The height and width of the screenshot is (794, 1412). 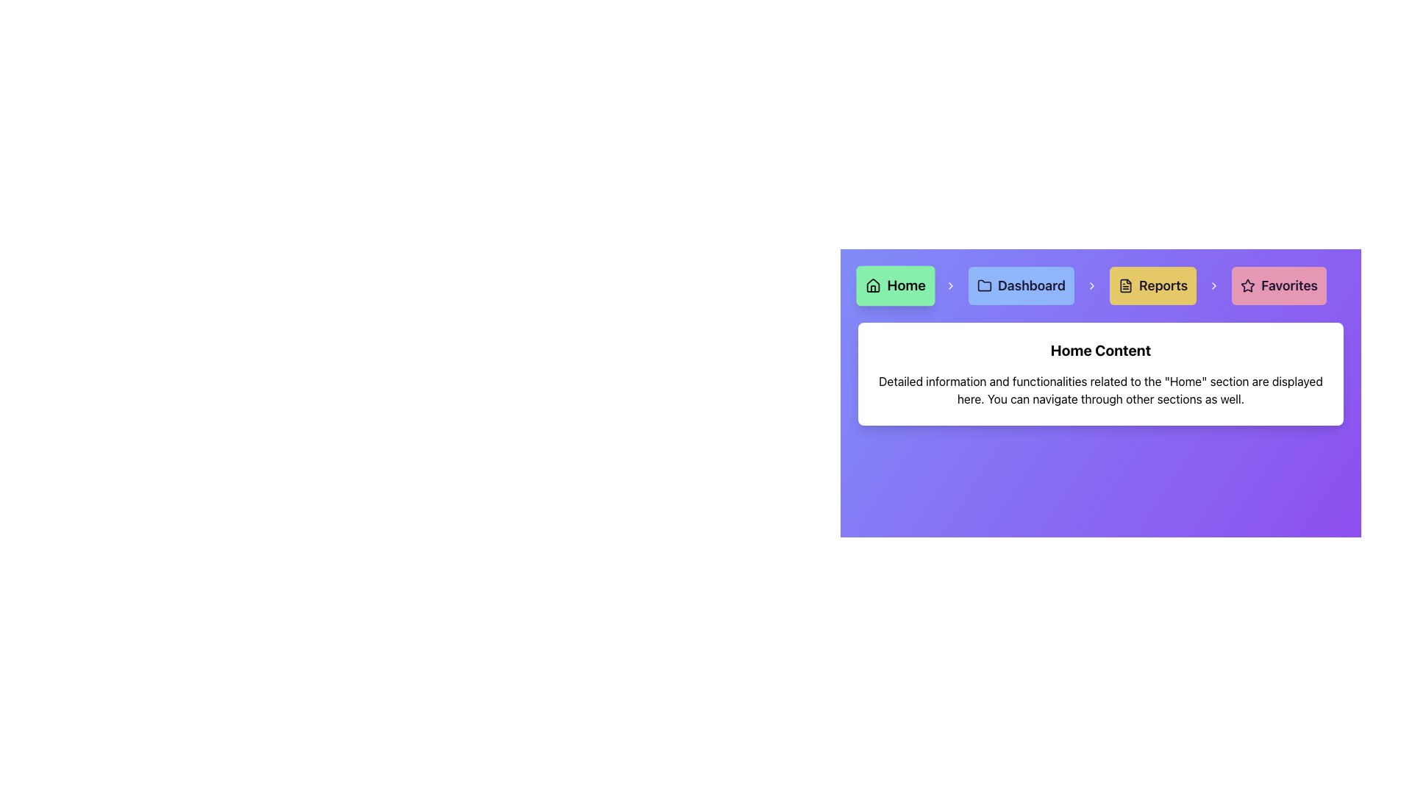 I want to click on the rectangular pink button with rounded corners labeled 'Favorites', so click(x=1278, y=286).